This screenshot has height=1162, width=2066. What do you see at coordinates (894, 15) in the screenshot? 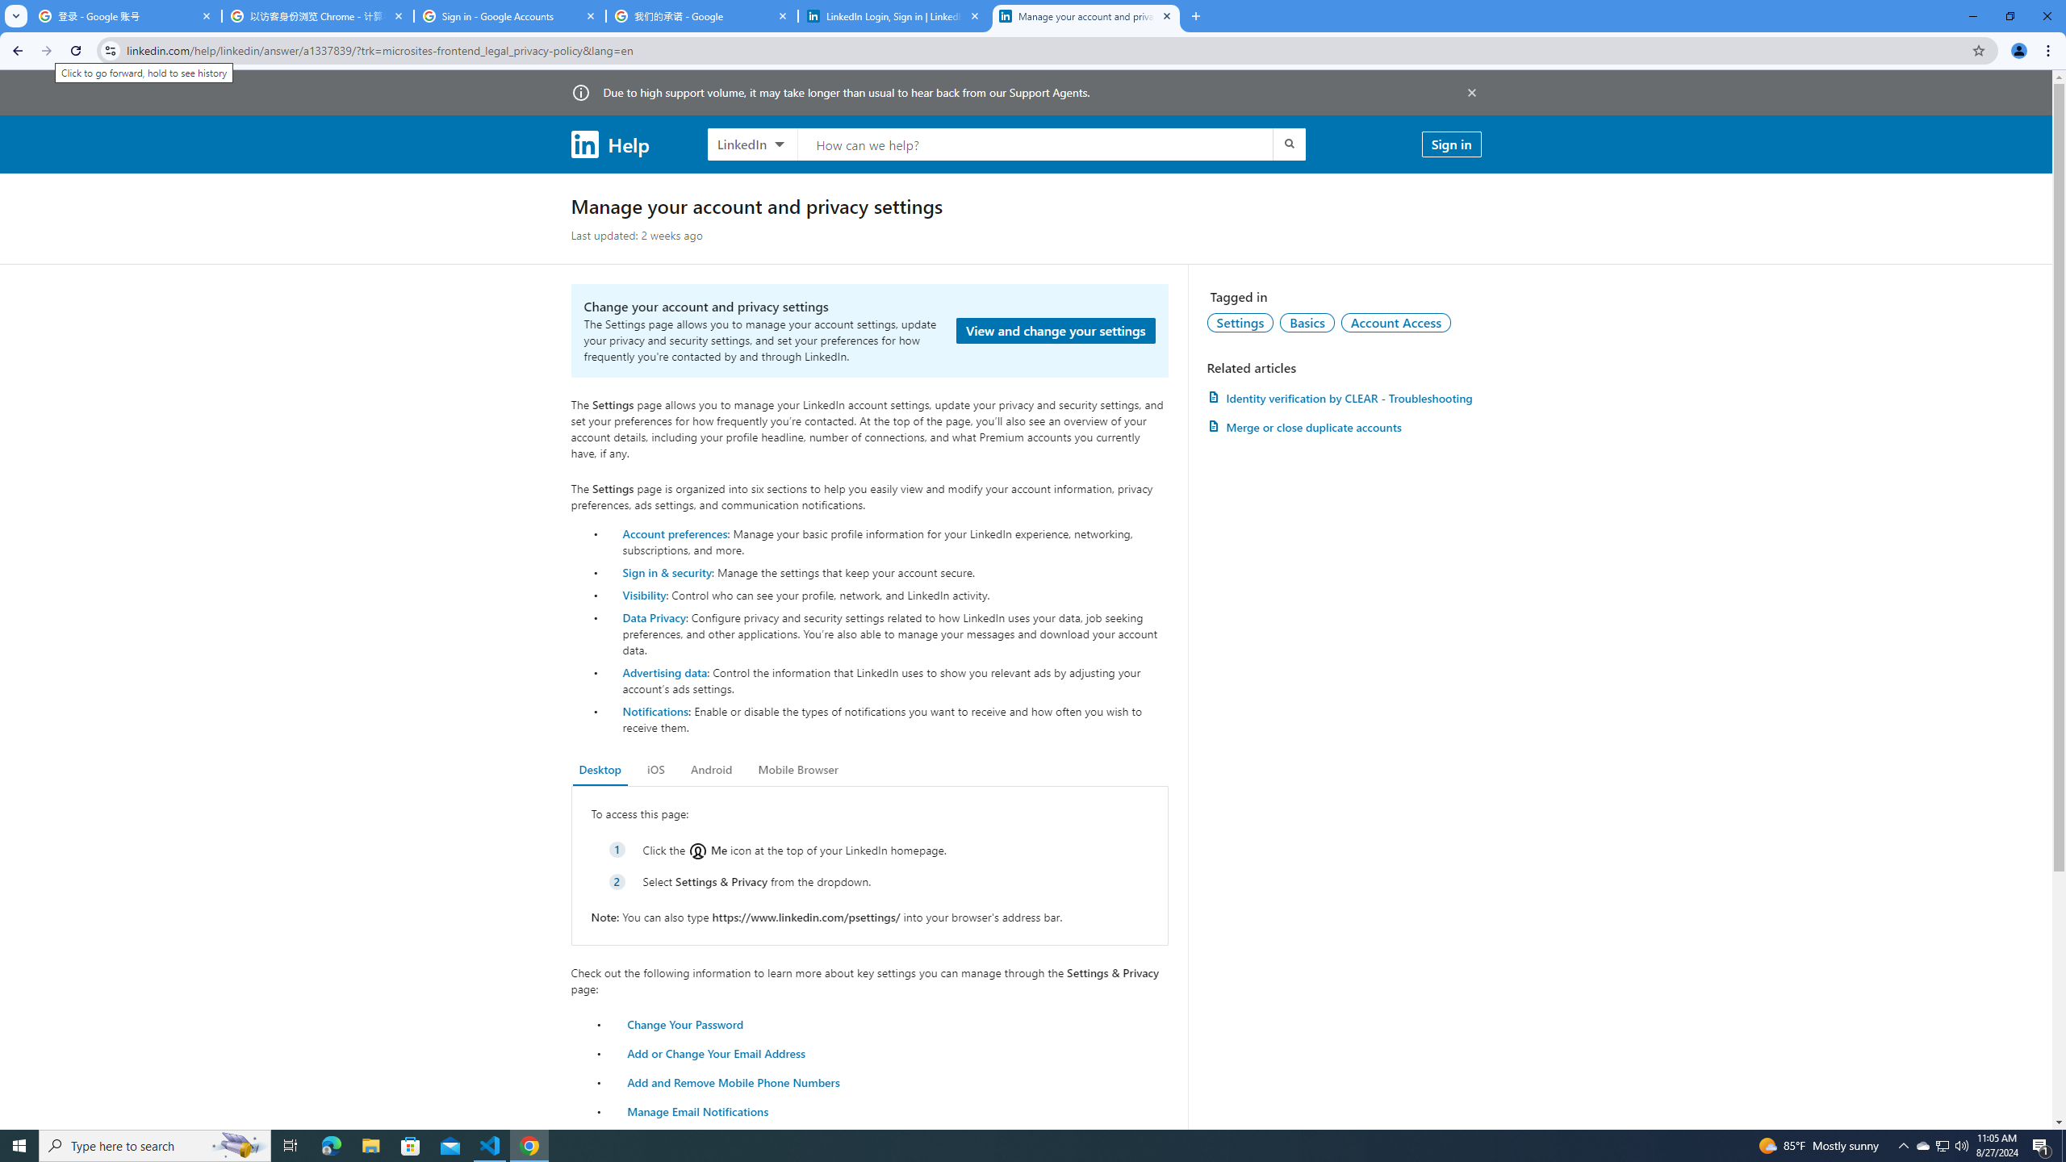
I see `'LinkedIn Login, Sign in | LinkedIn'` at bounding box center [894, 15].